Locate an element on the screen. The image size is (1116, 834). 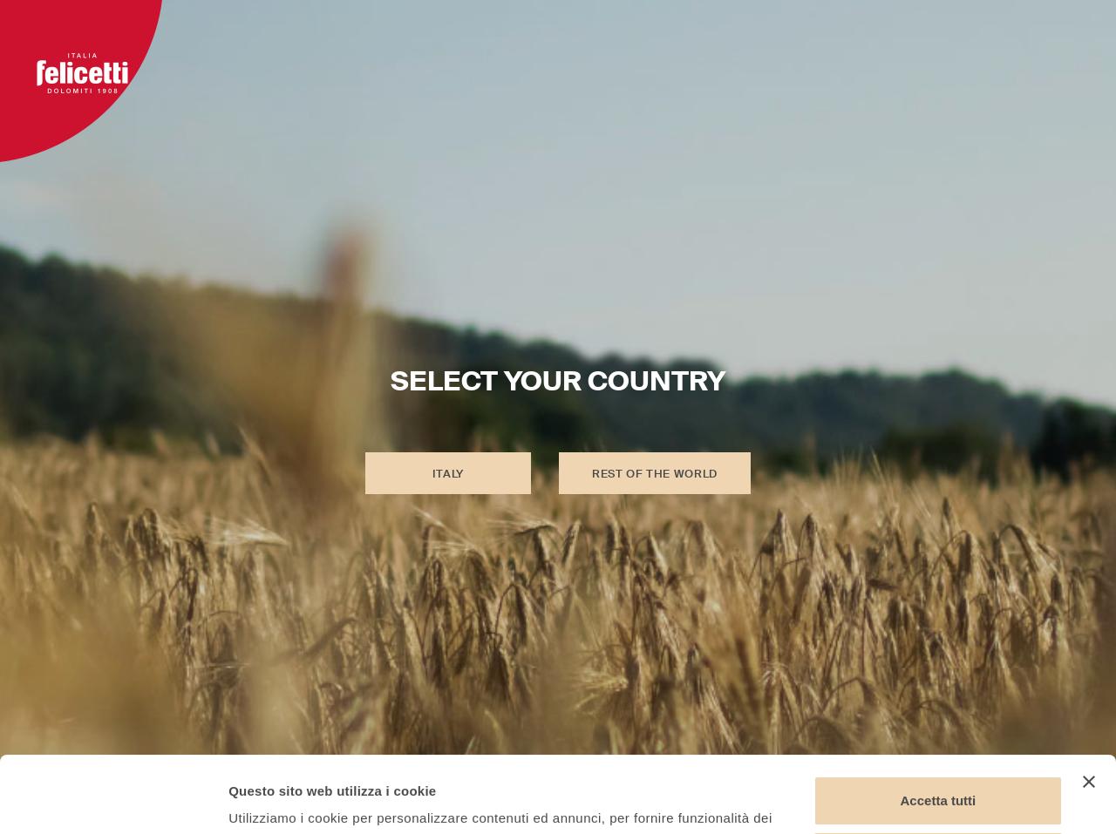
'SELECT YOUR COUNTRY' is located at coordinates (558, 379).